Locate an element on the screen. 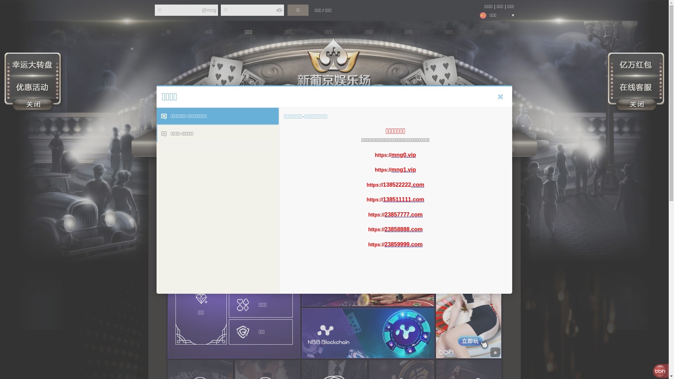  '.com' is located at coordinates (417, 184).